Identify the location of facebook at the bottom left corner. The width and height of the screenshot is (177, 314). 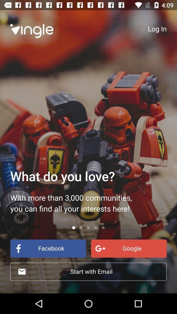
(48, 248).